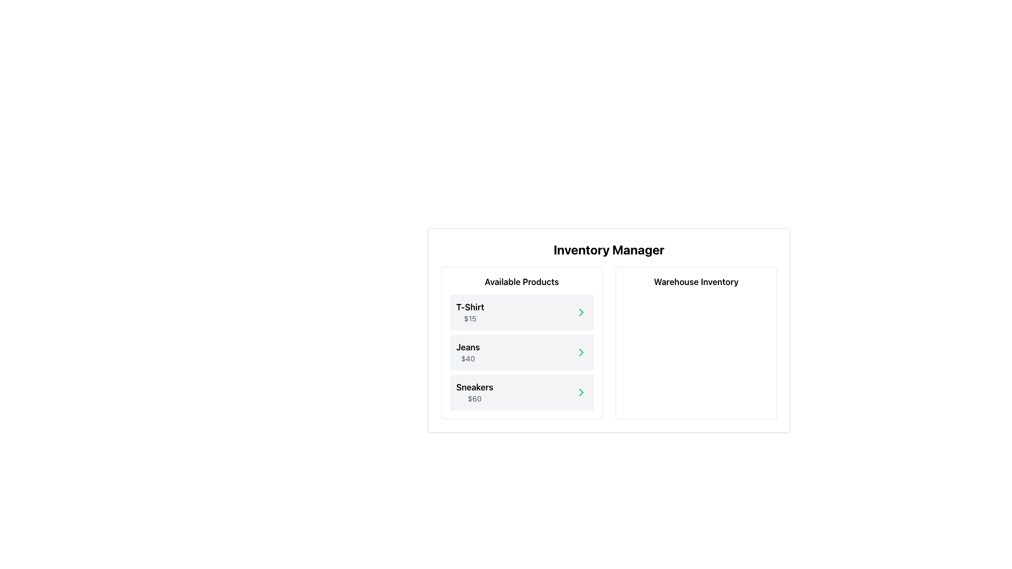 The width and height of the screenshot is (1012, 569). Describe the element at coordinates (470, 307) in the screenshot. I see `bolded text label that displays 'T-Shirt' located at the top-left corner of the product listing card in the 'Available Products' section` at that location.